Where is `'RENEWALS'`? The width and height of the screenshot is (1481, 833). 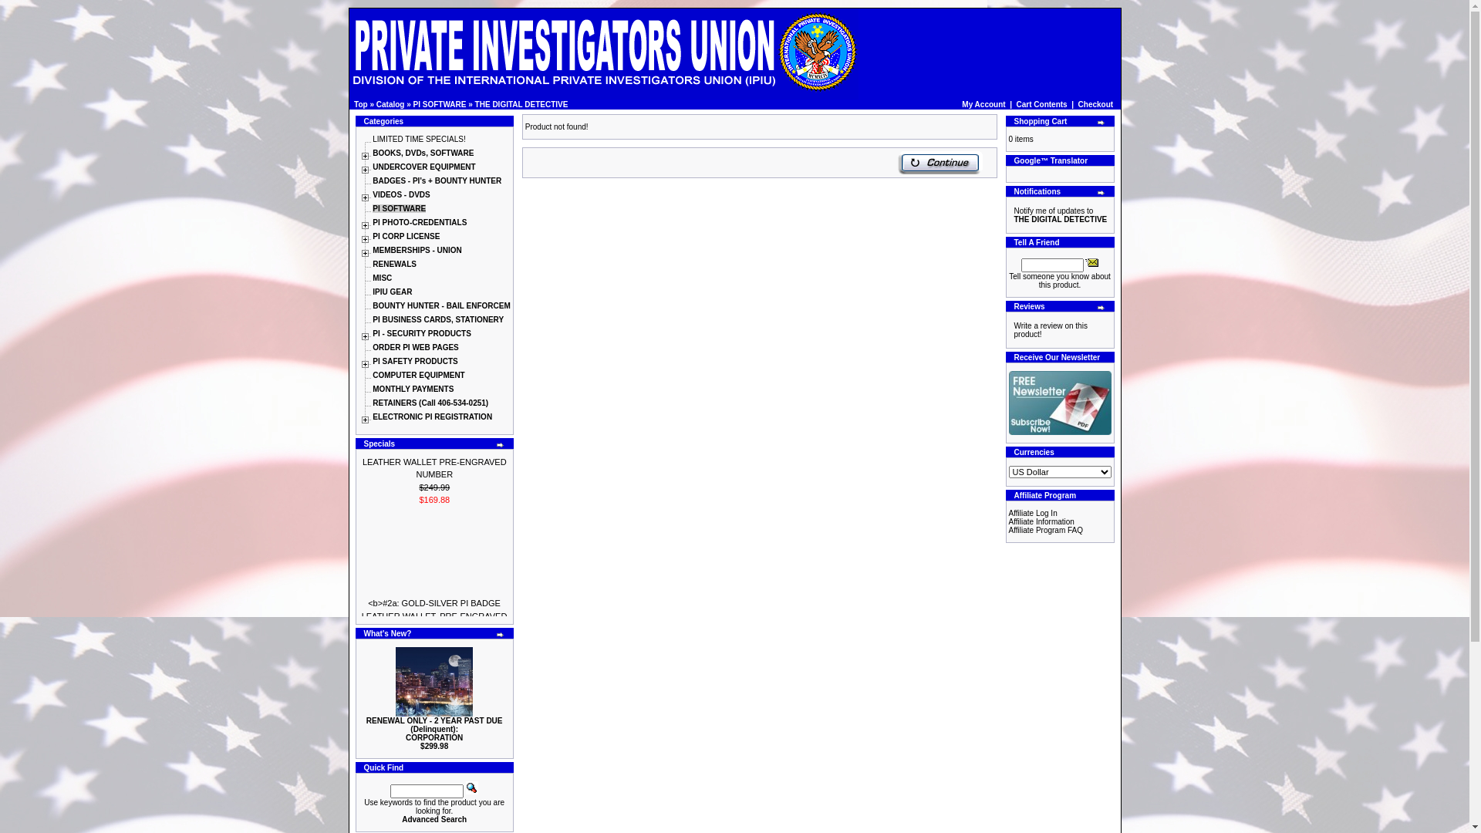
'RENEWALS' is located at coordinates (394, 263).